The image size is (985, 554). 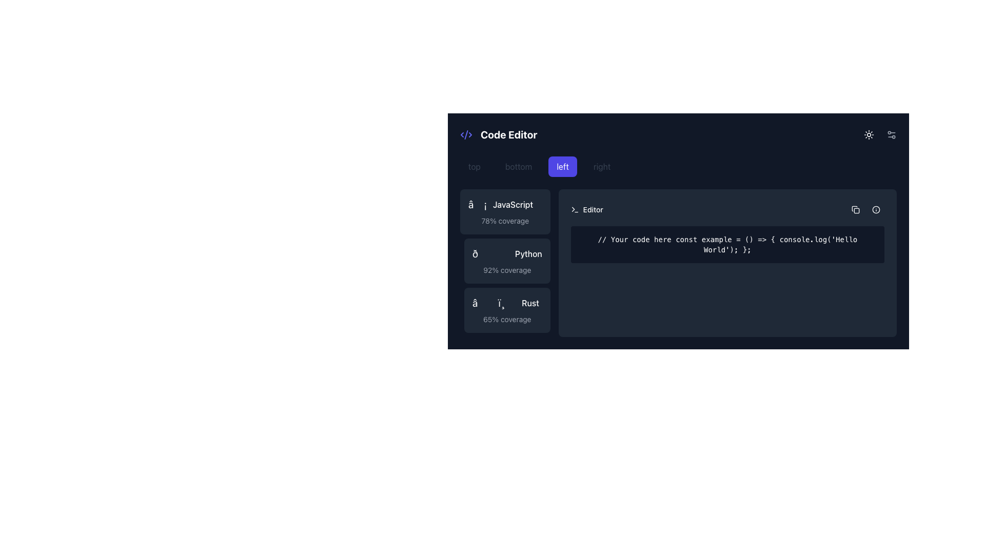 What do you see at coordinates (505, 263) in the screenshot?
I see `the interactive programming language card that represents the second card in a stack of three, located on the left section of the interface` at bounding box center [505, 263].